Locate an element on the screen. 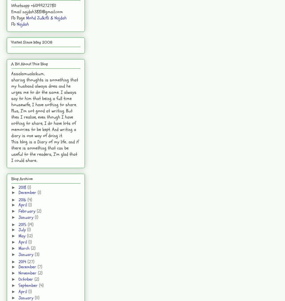  '(3)' is located at coordinates (34, 254).